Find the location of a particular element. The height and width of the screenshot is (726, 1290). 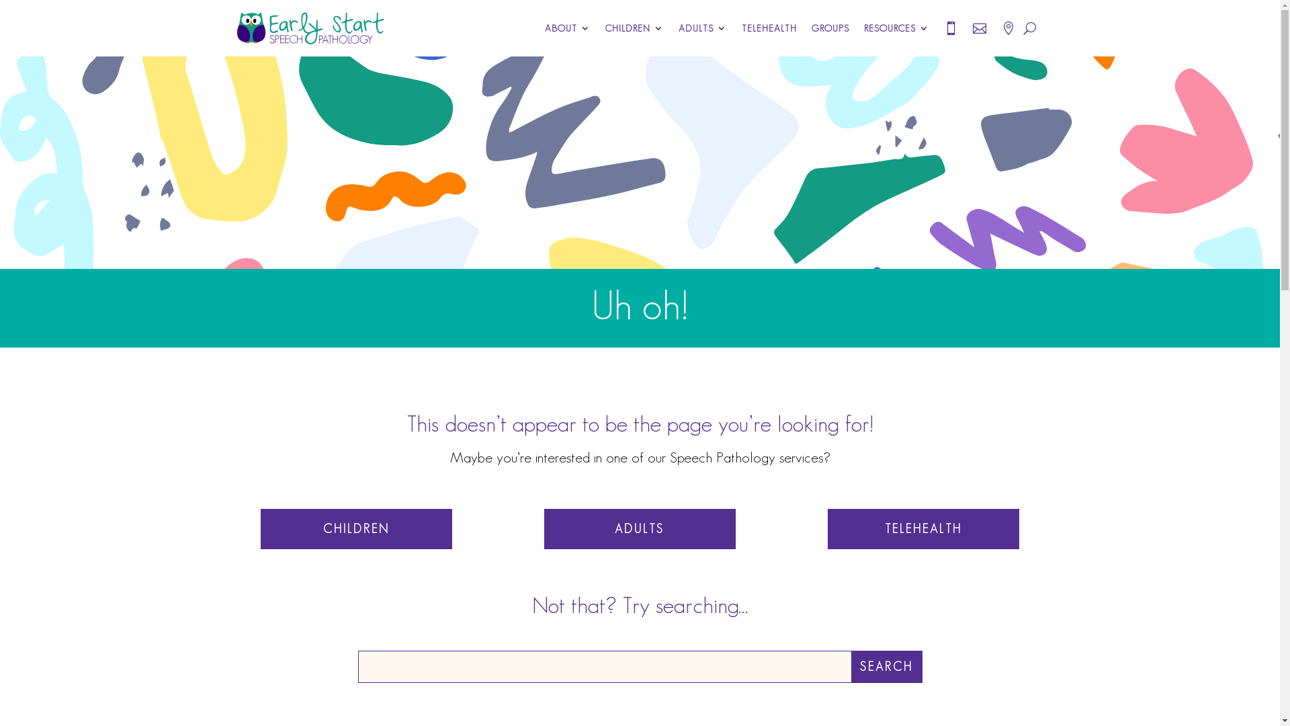

'TELEHEALTH' is located at coordinates (769, 28).